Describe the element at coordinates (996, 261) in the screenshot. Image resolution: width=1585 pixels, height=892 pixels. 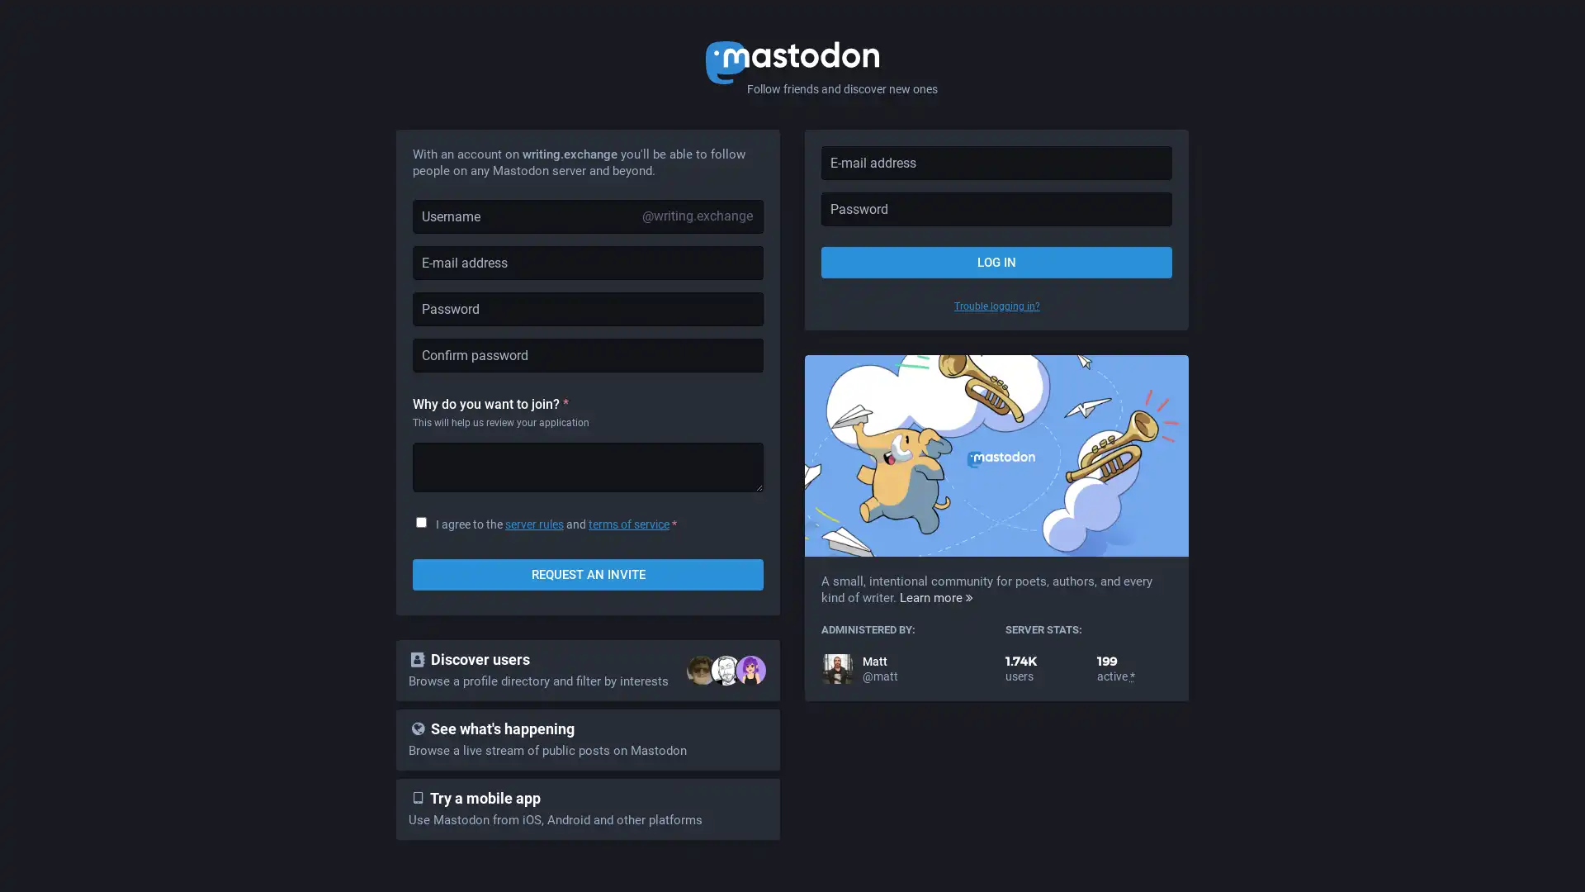
I see `LOG IN` at that location.